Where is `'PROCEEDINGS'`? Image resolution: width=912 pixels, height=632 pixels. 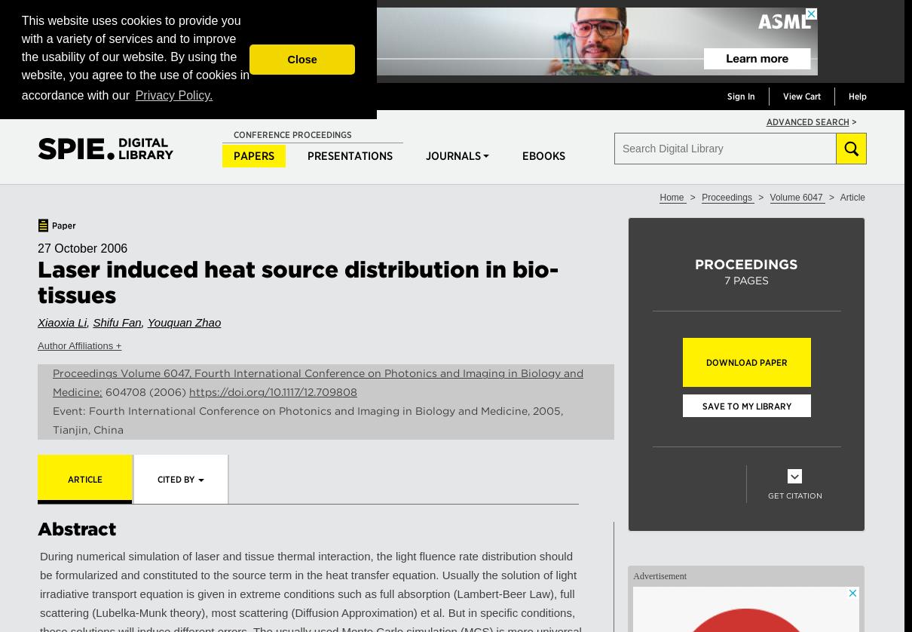 'PROCEEDINGS' is located at coordinates (746, 263).